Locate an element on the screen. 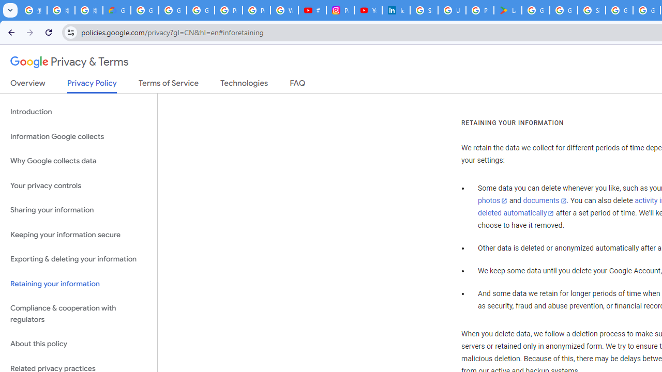  'Exporting & deleting your information' is located at coordinates (78, 259).